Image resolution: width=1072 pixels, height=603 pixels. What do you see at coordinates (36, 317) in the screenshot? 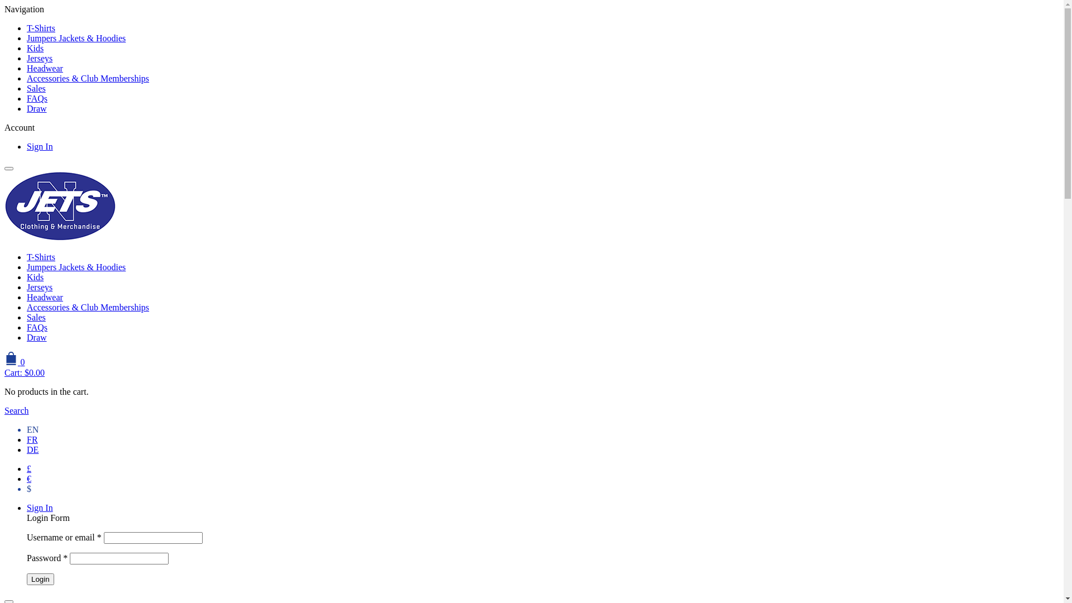
I see `'Sales'` at bounding box center [36, 317].